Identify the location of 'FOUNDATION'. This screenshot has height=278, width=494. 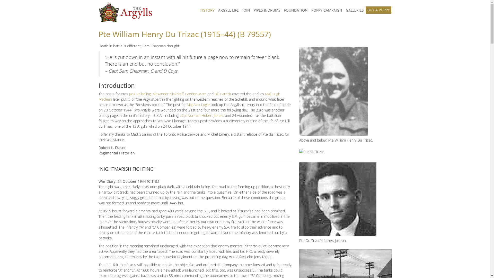
(295, 10).